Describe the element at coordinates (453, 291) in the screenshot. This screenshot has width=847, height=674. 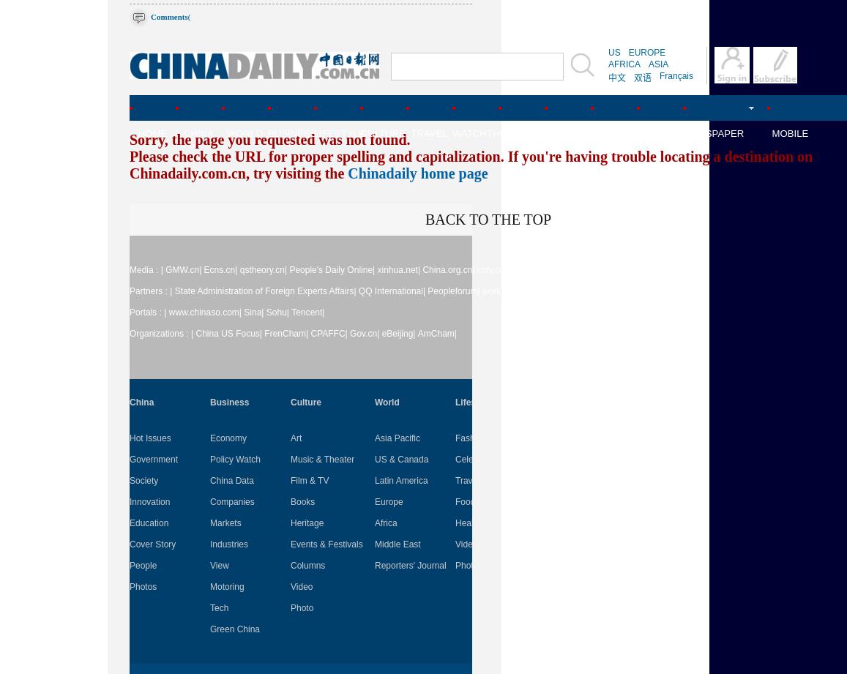
I see `'Peopleforum|'` at that location.